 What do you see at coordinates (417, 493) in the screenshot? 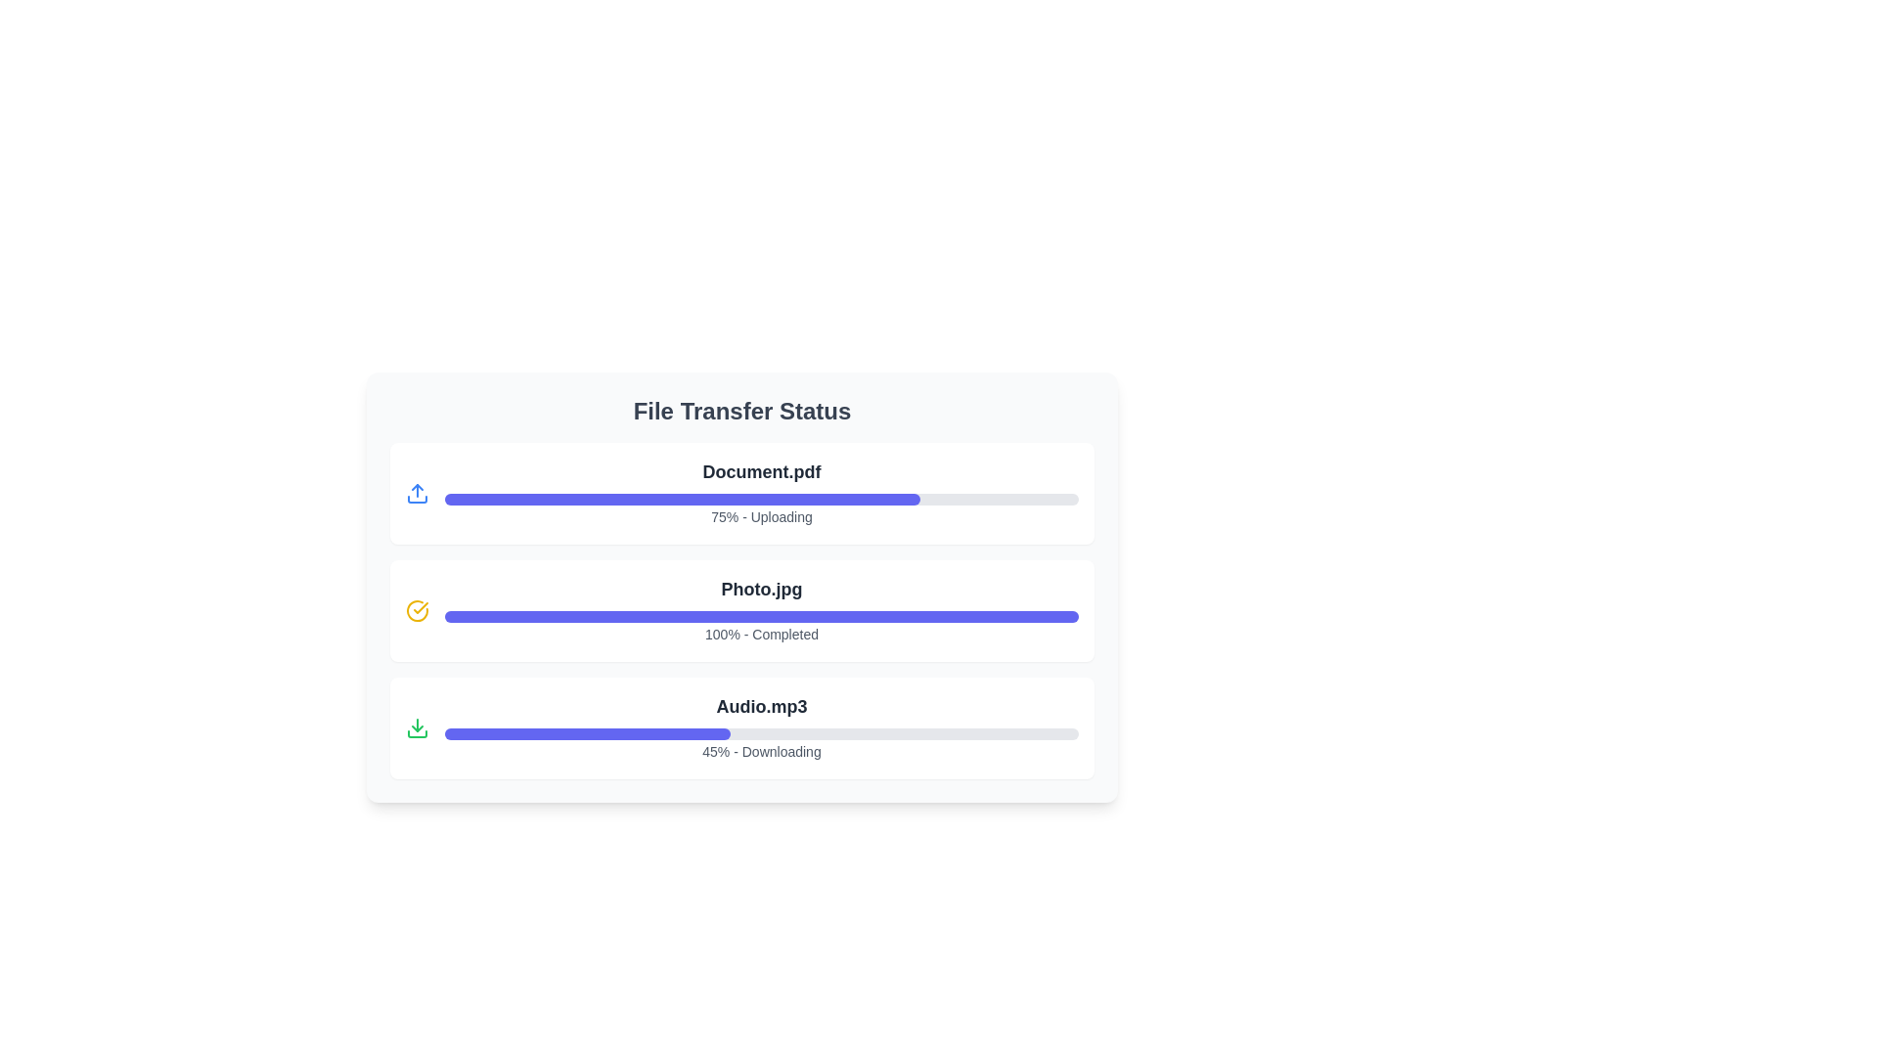
I see `the upload indicator icon located on the left of 'Document.pdf' in the first entry of the list layout` at bounding box center [417, 493].